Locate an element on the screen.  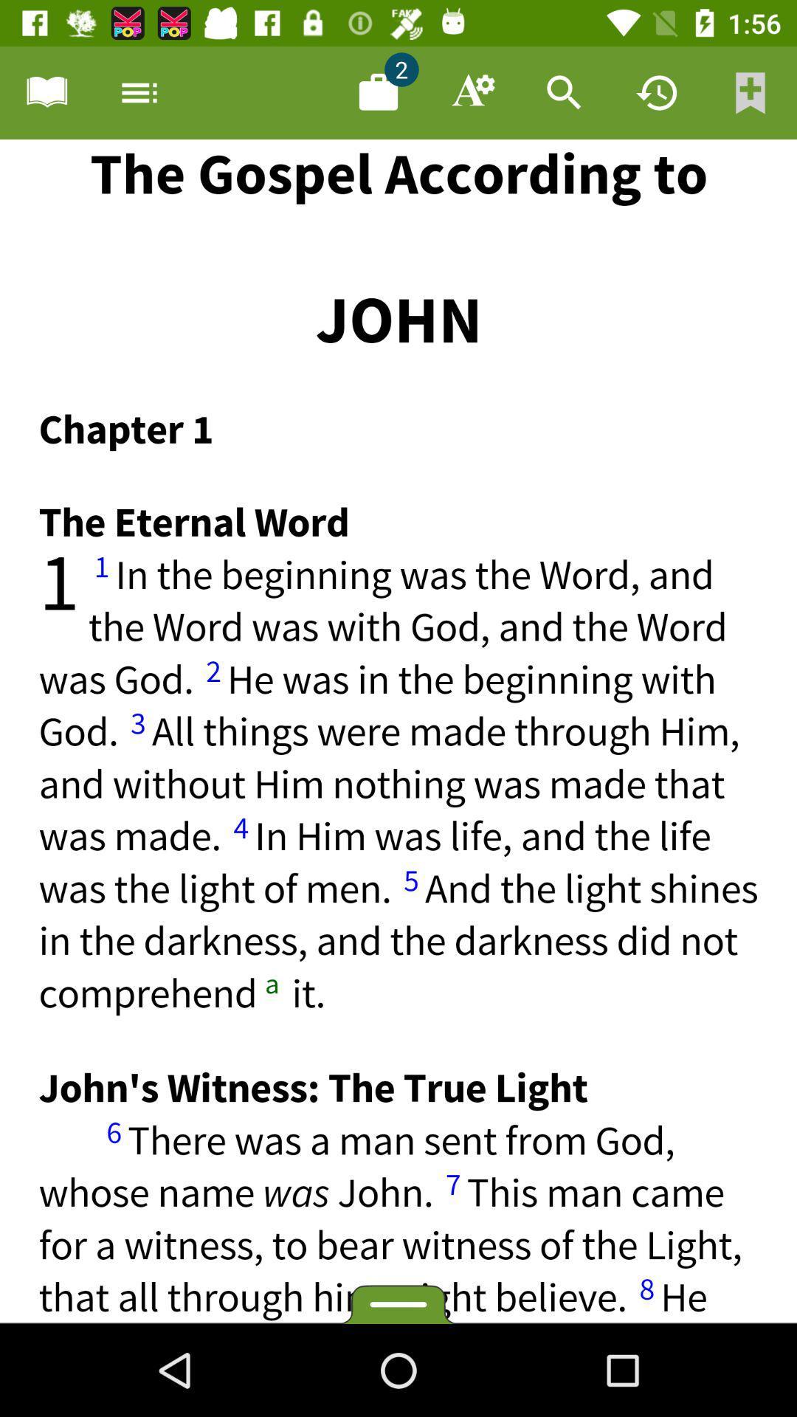
bookmarks is located at coordinates (751, 92).